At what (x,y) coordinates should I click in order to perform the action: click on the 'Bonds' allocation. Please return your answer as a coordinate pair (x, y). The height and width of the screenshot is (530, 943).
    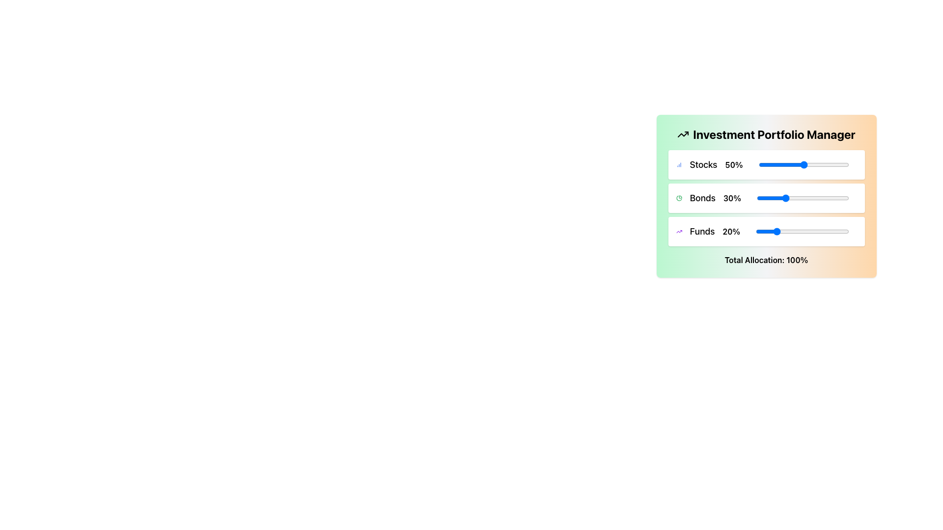
    Looking at the image, I should click on (817, 198).